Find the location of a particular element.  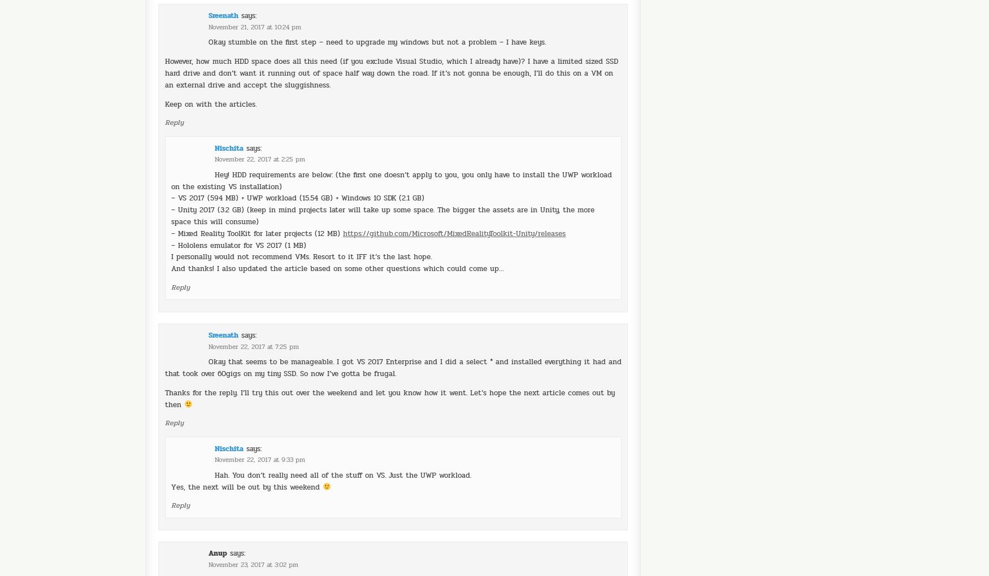

'– Unity 2017 (3.2 GB) (keep in mind projects later will take up some space. The bigger the assets are in Unity, the more space this will consume)' is located at coordinates (382, 185).